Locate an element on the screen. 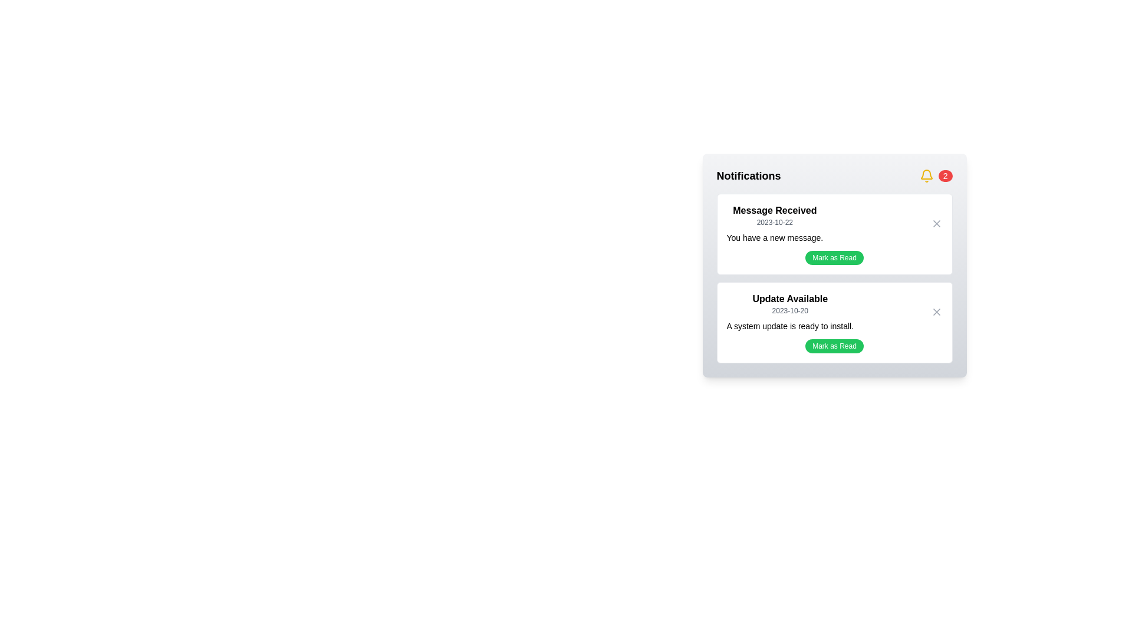 This screenshot has height=636, width=1132. the notification icon located at the top-right corner of the notification panel, which is positioned left is located at coordinates (926, 176).